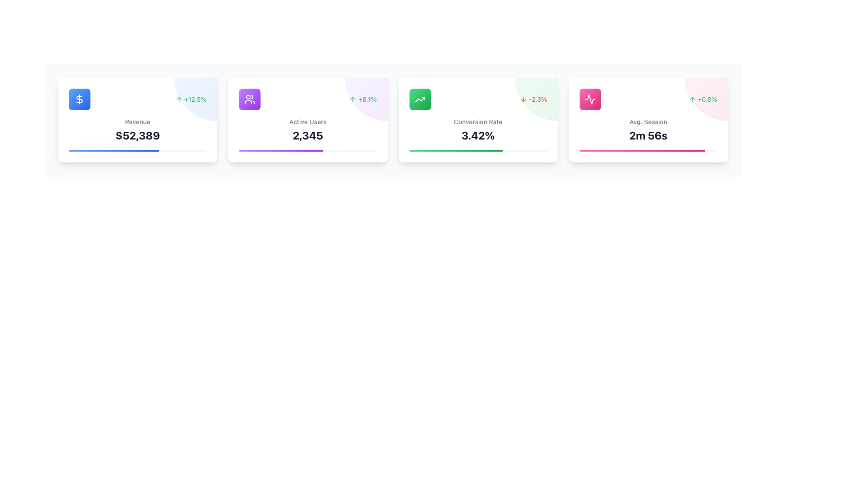  Describe the element at coordinates (648, 135) in the screenshot. I see `value displayed in the bold, large text component showing '2m 56s' within the fourth card labeled 'Avg. Session'` at that location.